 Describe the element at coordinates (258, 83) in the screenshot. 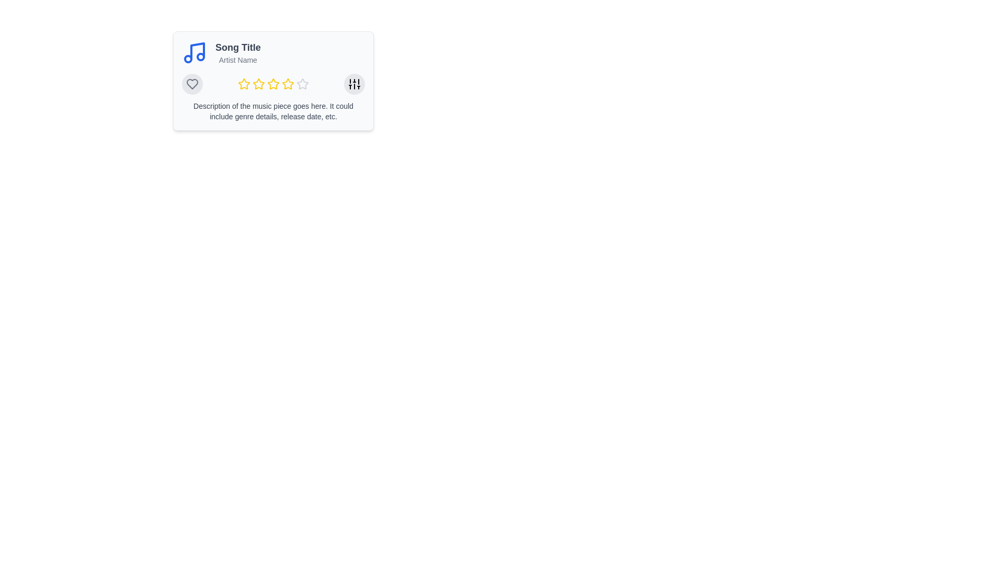

I see `the second star in the series of five rating stars` at that location.